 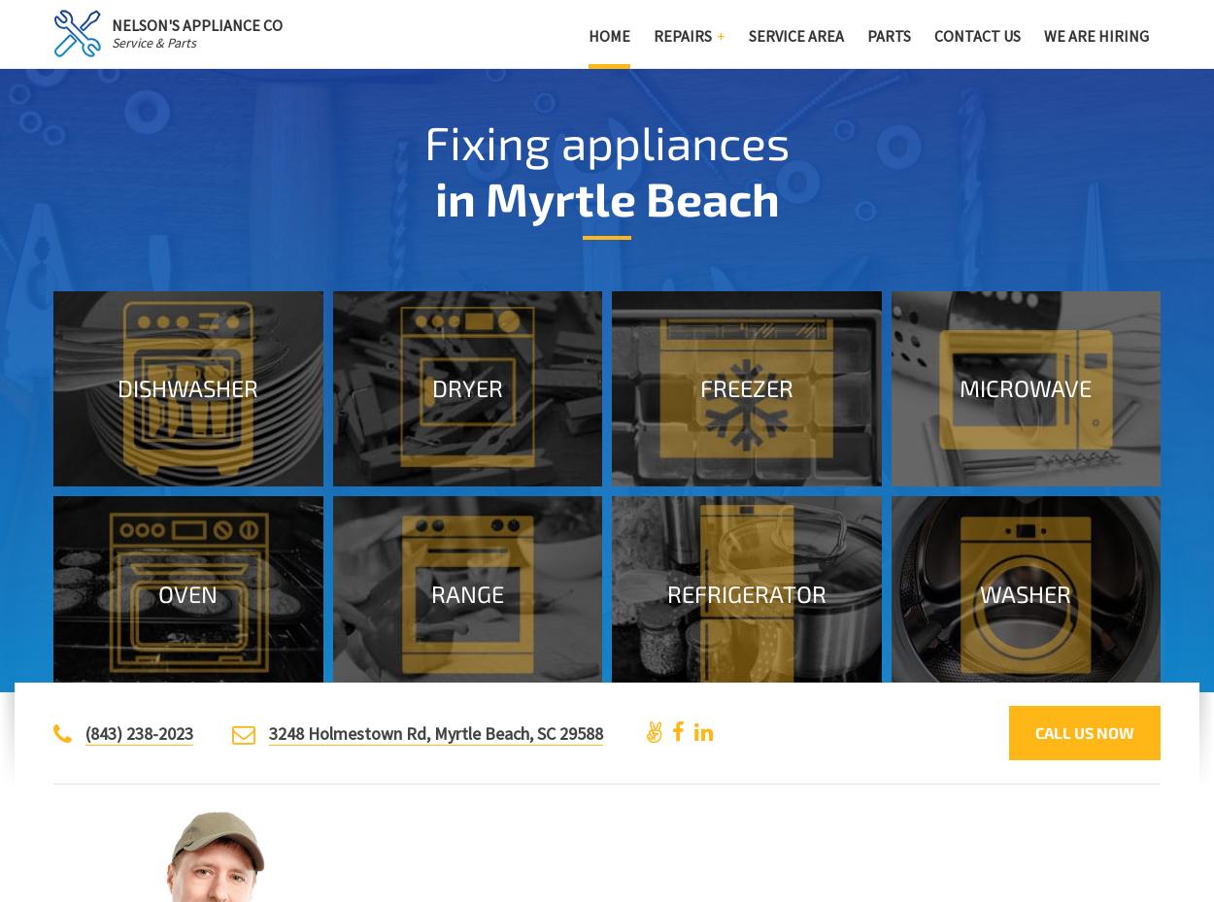 What do you see at coordinates (1084, 730) in the screenshot?
I see `'Call us now'` at bounding box center [1084, 730].